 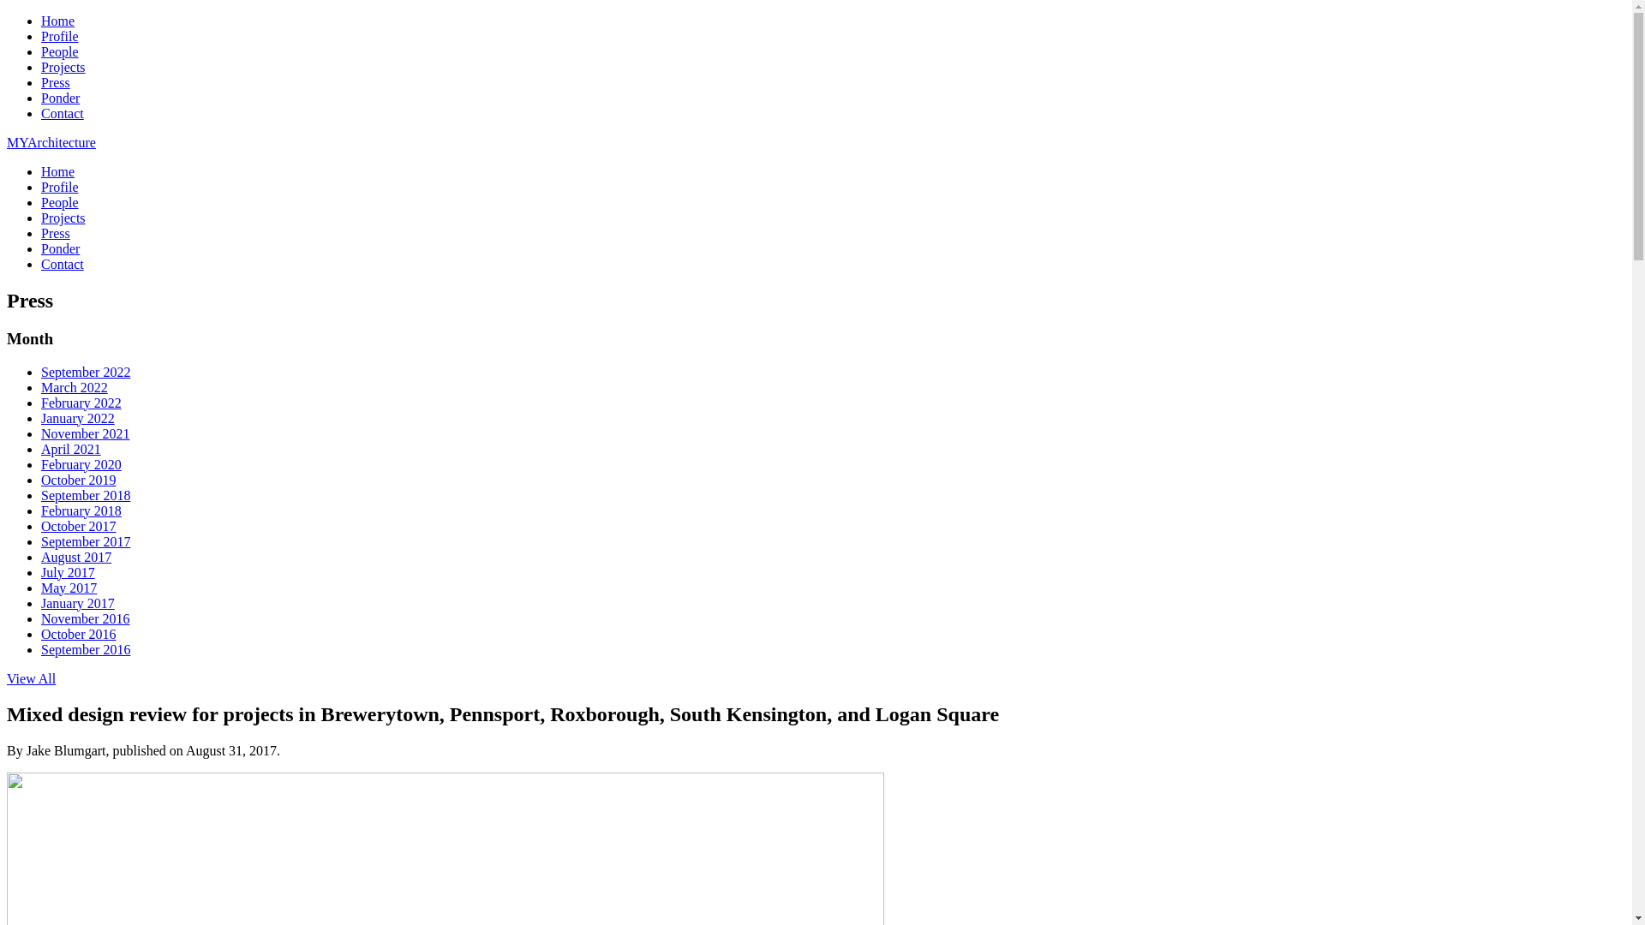 What do you see at coordinates (60, 51) in the screenshot?
I see `'People'` at bounding box center [60, 51].